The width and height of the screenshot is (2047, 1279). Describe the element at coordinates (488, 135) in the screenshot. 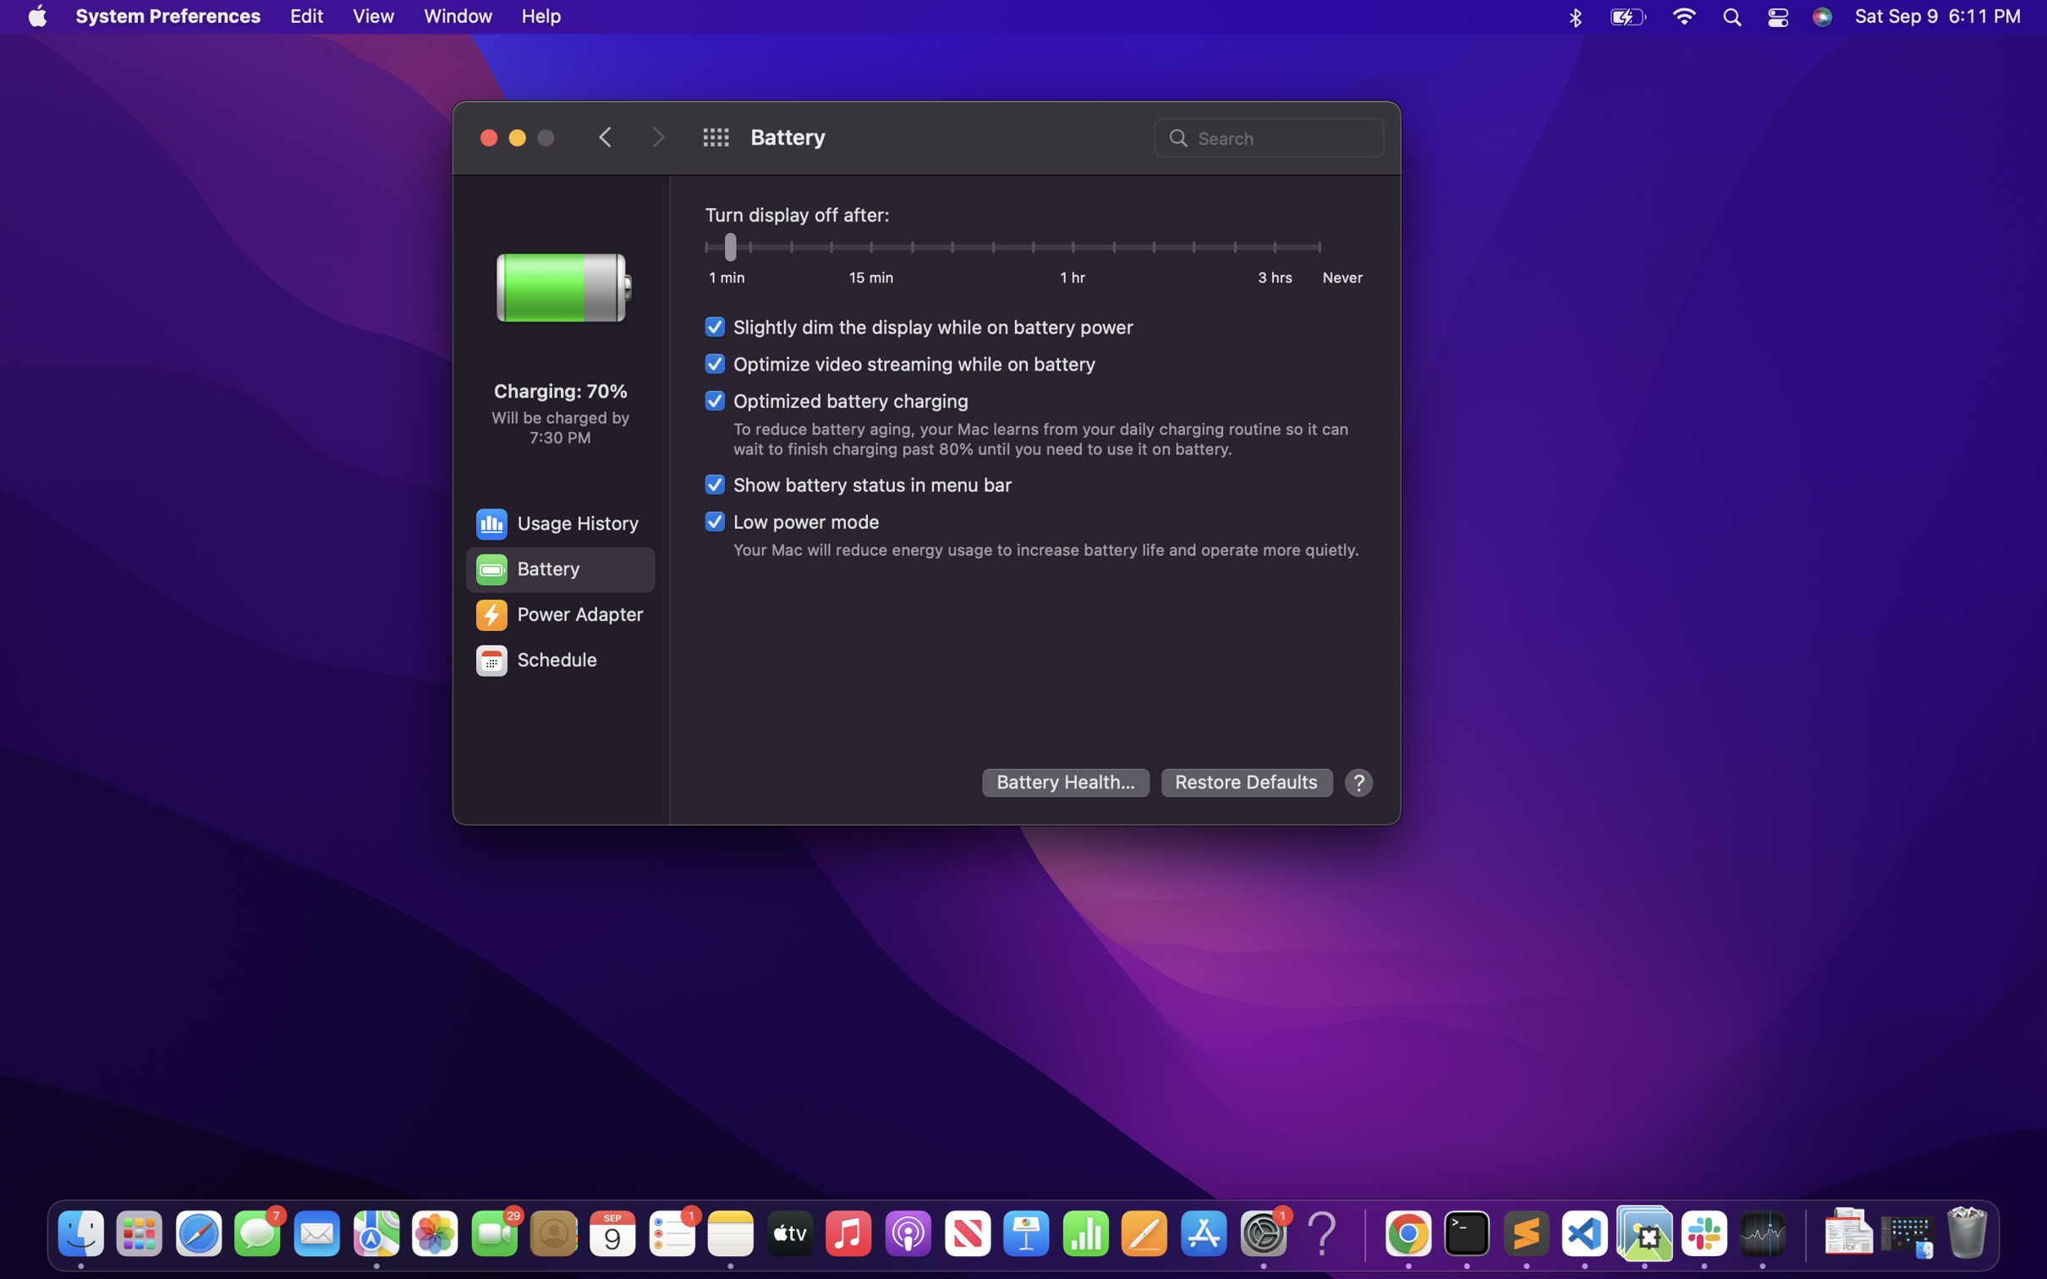

I see `Close the current window` at that location.